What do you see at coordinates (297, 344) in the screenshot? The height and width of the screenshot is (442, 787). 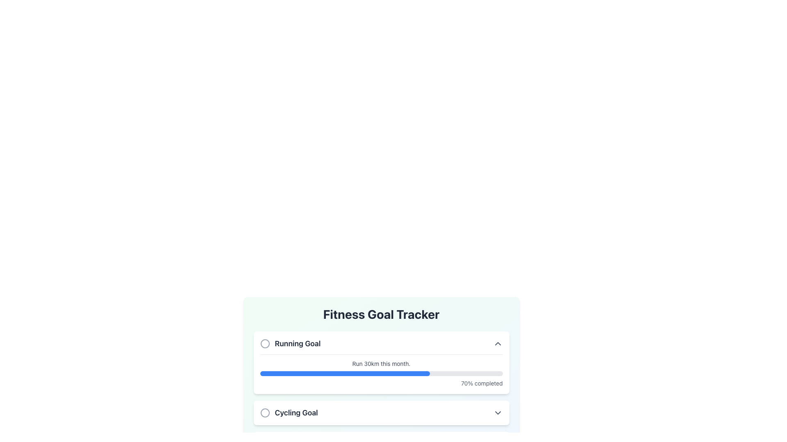 I see `the 'Running Goal' Text Label within the Fitness Goal Tracker interface, which serves as a label for the associated fitness goal entry` at bounding box center [297, 344].